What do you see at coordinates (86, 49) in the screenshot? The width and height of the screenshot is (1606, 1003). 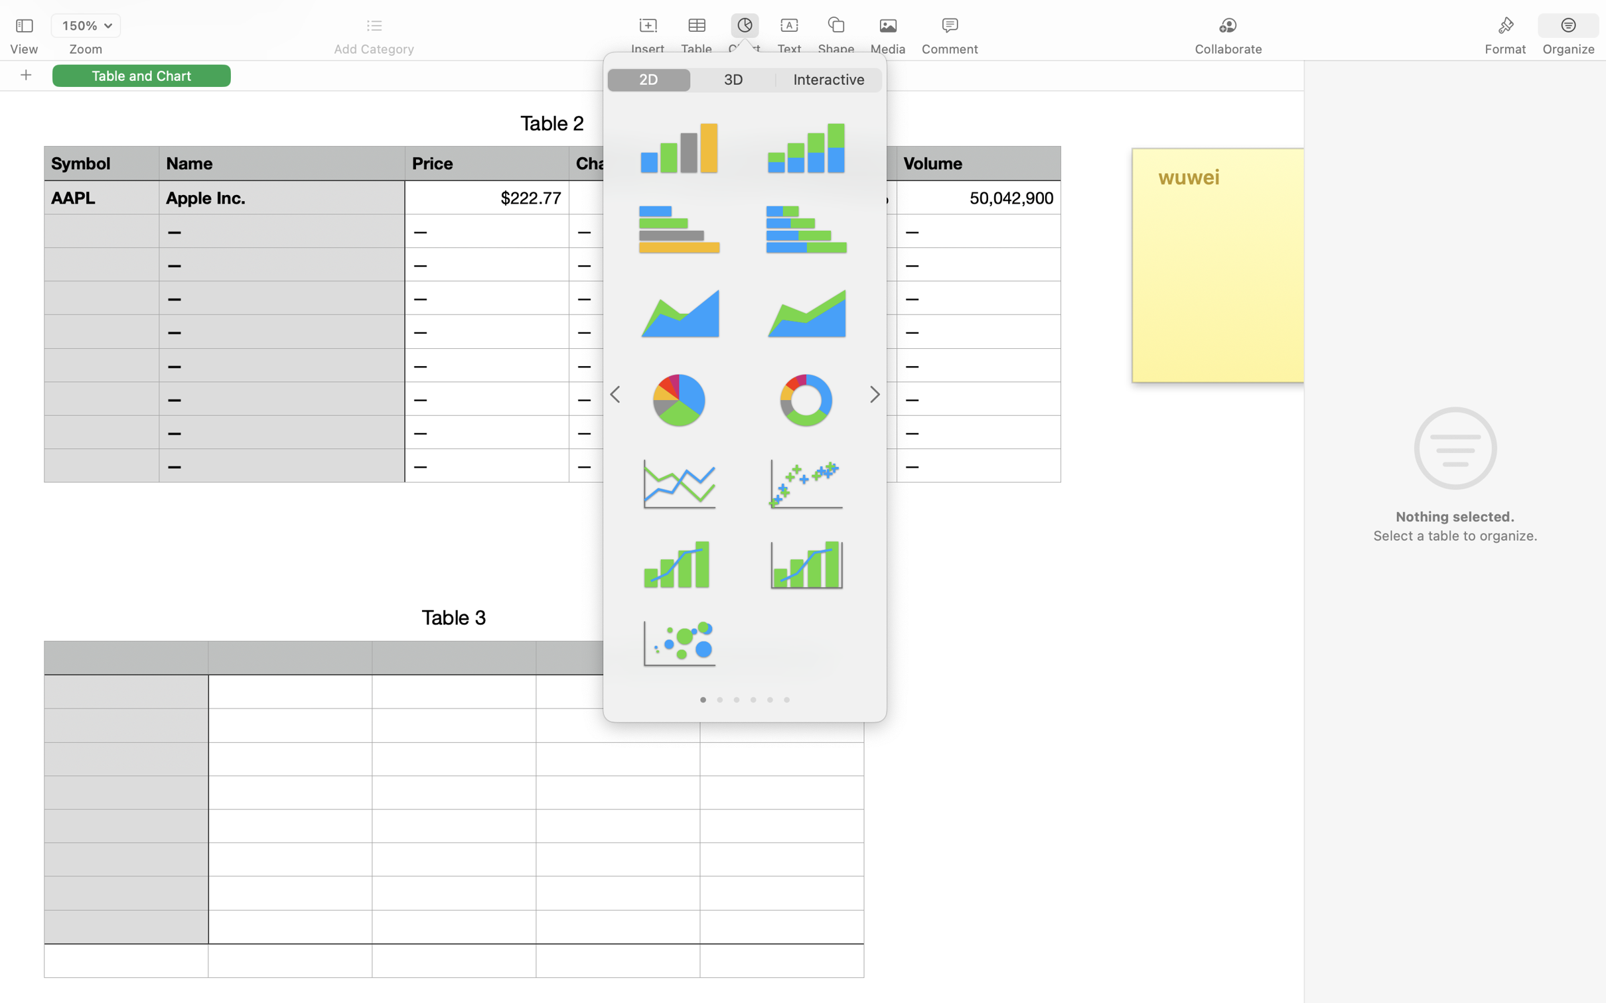 I see `'Zoom'` at bounding box center [86, 49].